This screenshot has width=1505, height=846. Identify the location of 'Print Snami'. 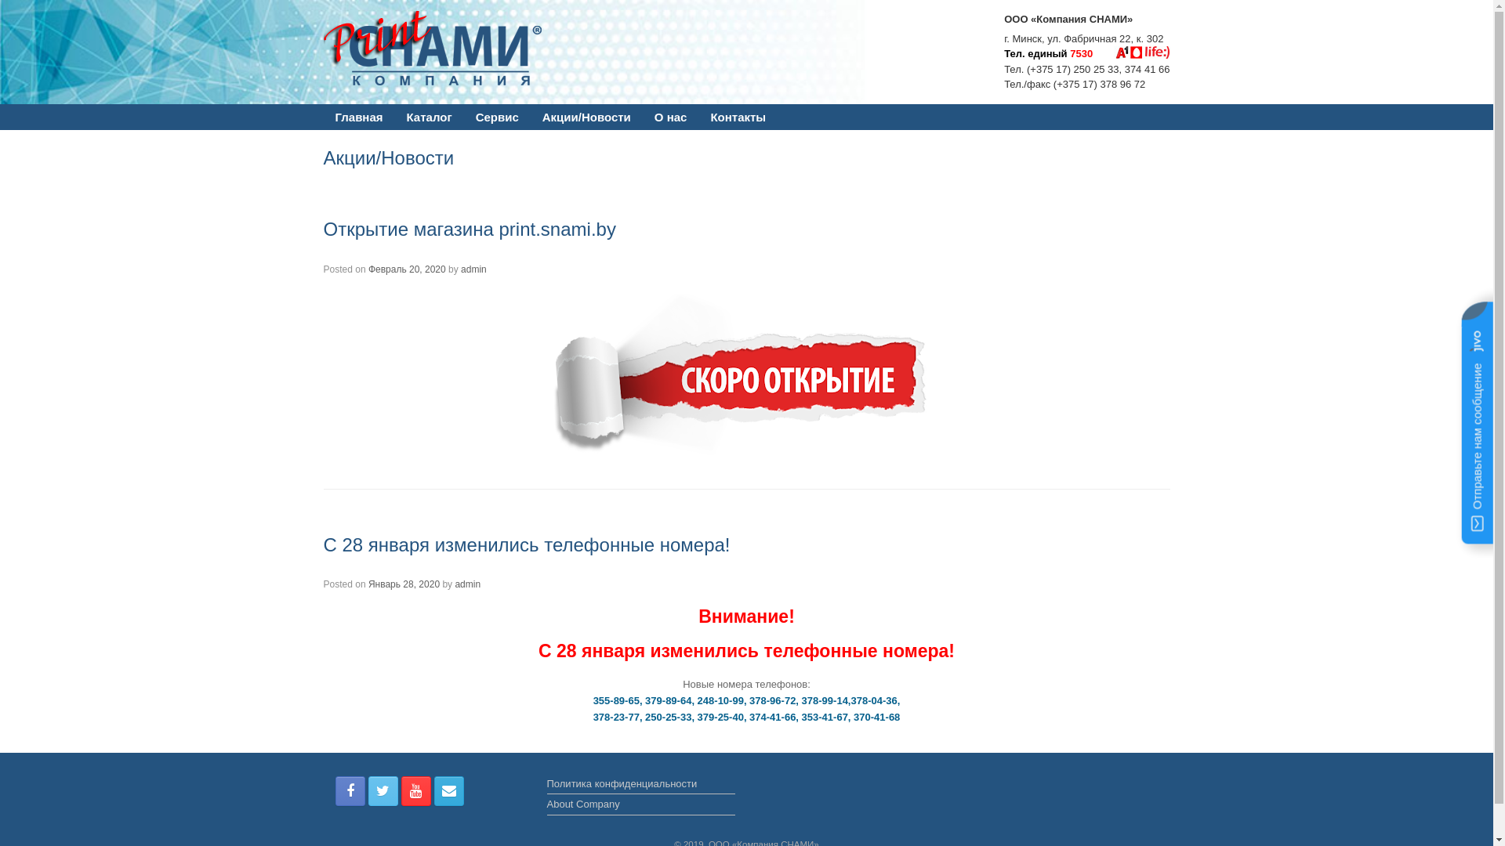
(441, 47).